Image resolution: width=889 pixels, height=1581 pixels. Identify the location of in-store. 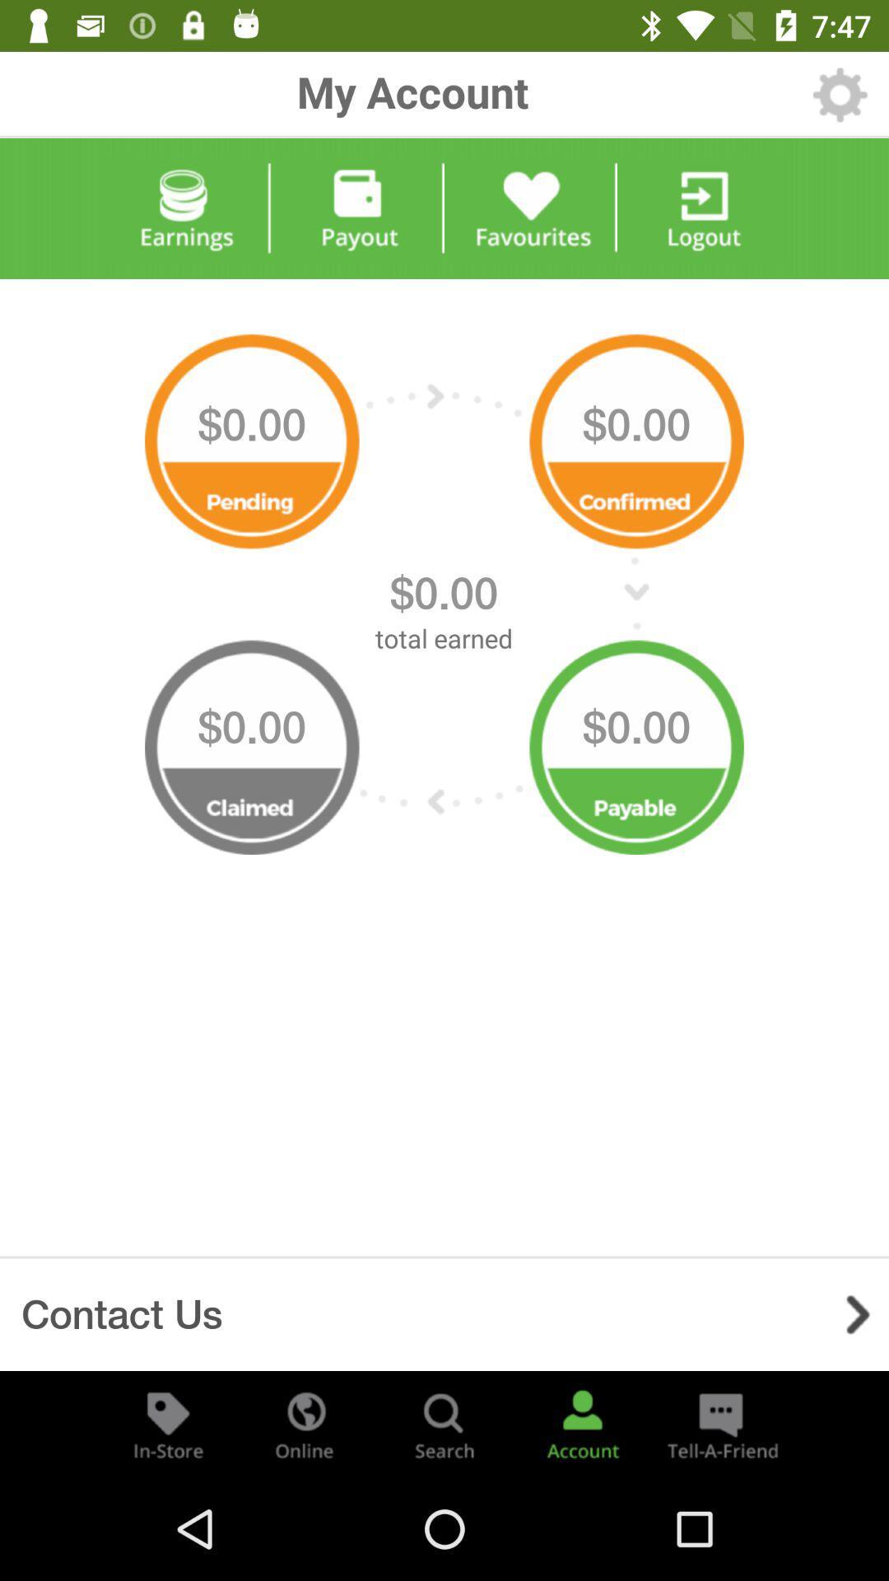
(168, 1423).